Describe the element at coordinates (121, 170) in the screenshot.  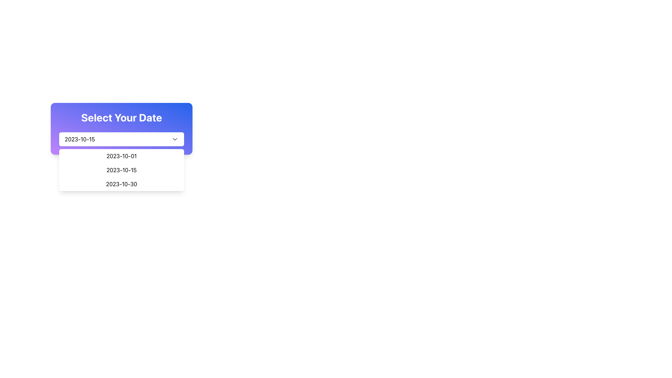
I see `the dropdown menu` at that location.